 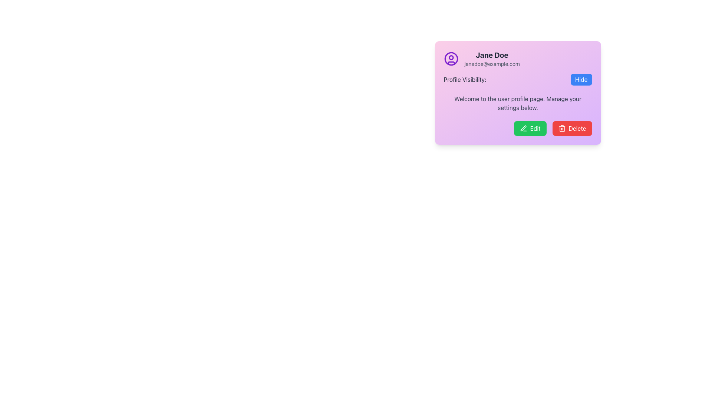 I want to click on the pen icon located within the 'Edit' button, which is positioned to the left of the 'Edit' text label, so click(x=523, y=128).